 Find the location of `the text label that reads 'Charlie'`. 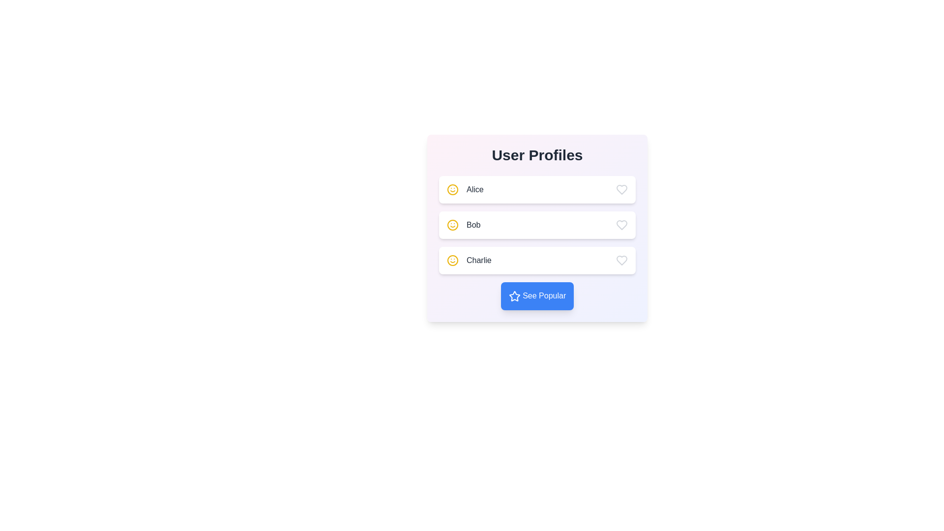

the text label that reads 'Charlie' is located at coordinates (479, 260).